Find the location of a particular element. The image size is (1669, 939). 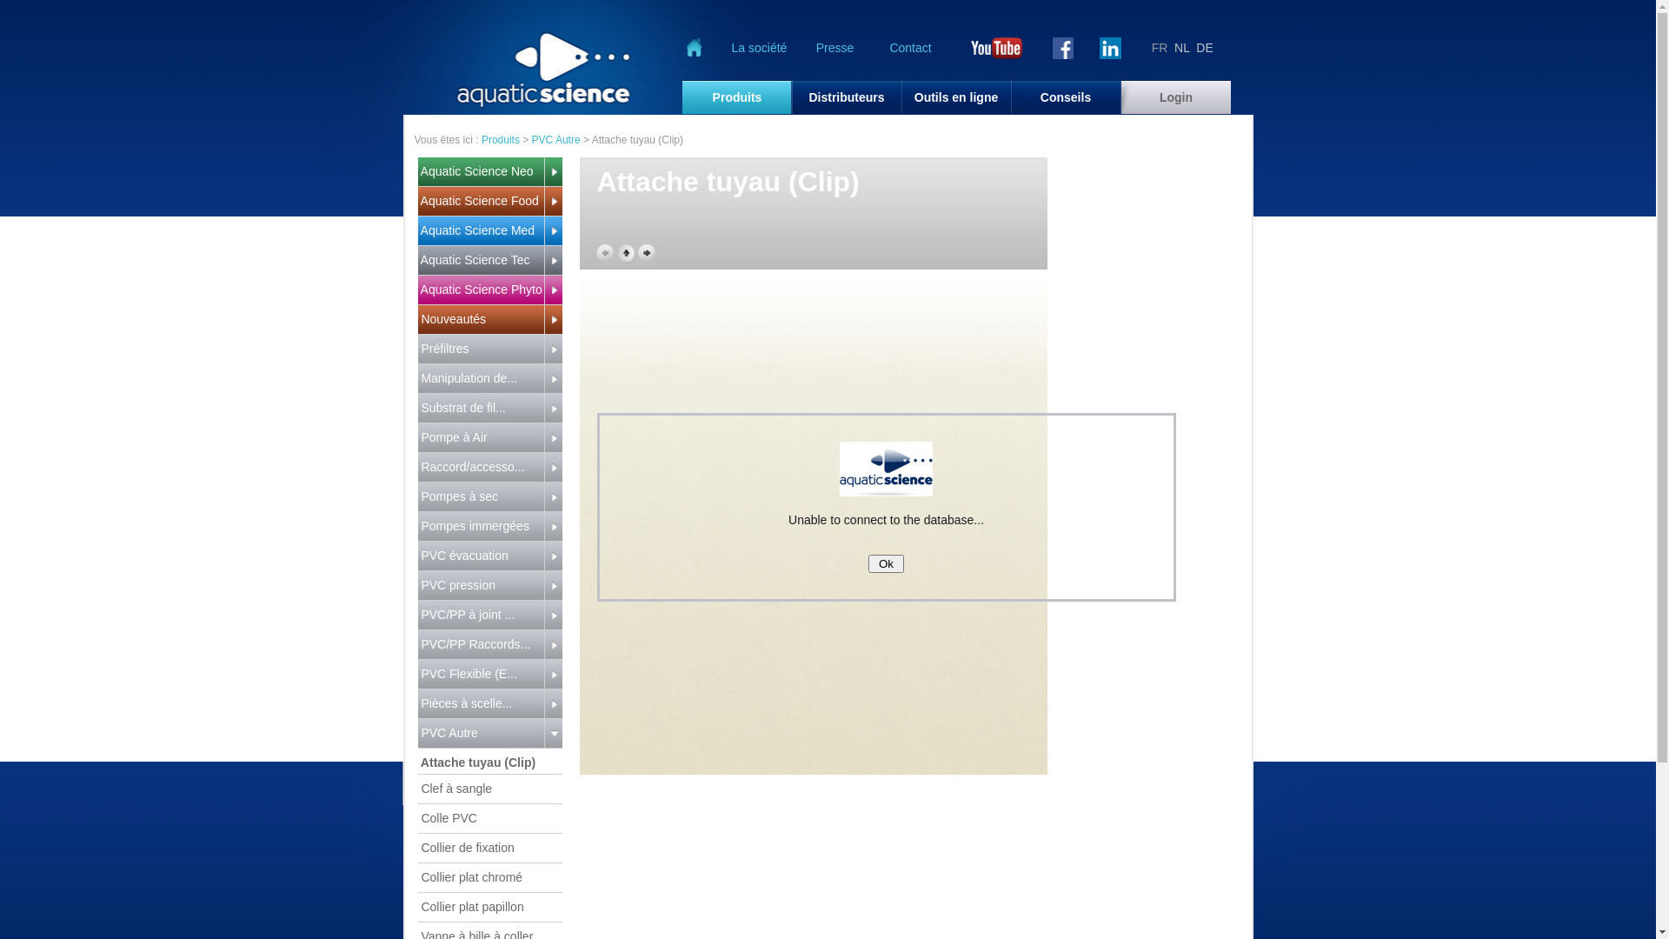

'Login' is located at coordinates (1175, 97).